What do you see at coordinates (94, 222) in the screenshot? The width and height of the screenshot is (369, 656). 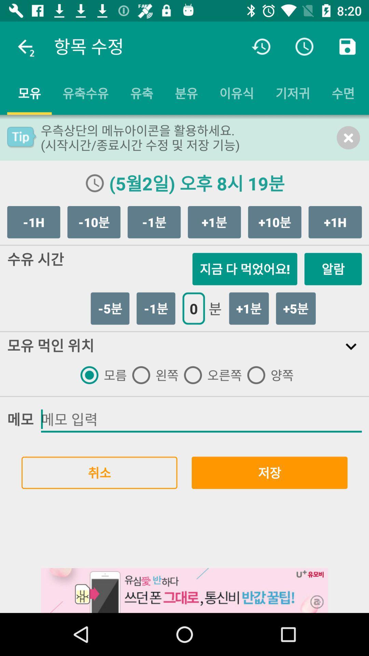 I see `item to the right of the -1h icon` at bounding box center [94, 222].